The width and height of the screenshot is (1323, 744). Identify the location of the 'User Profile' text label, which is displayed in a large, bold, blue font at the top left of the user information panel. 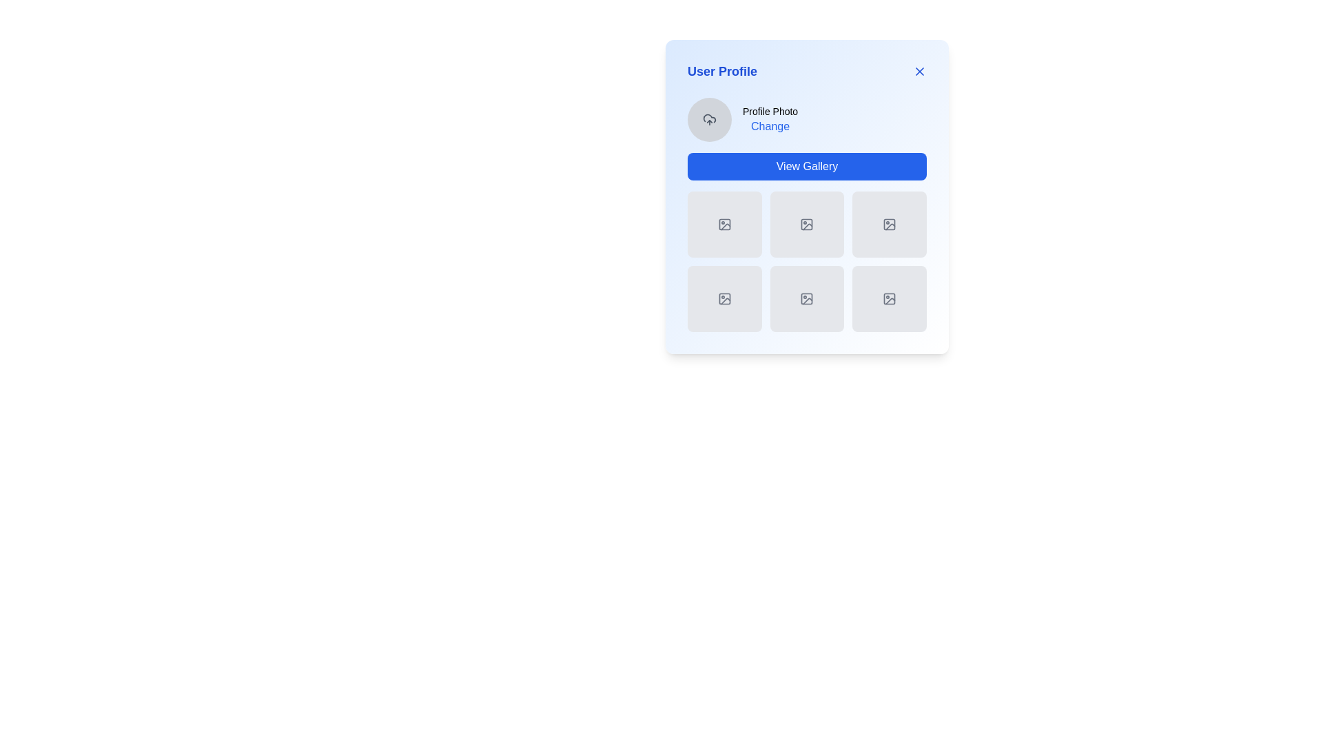
(721, 72).